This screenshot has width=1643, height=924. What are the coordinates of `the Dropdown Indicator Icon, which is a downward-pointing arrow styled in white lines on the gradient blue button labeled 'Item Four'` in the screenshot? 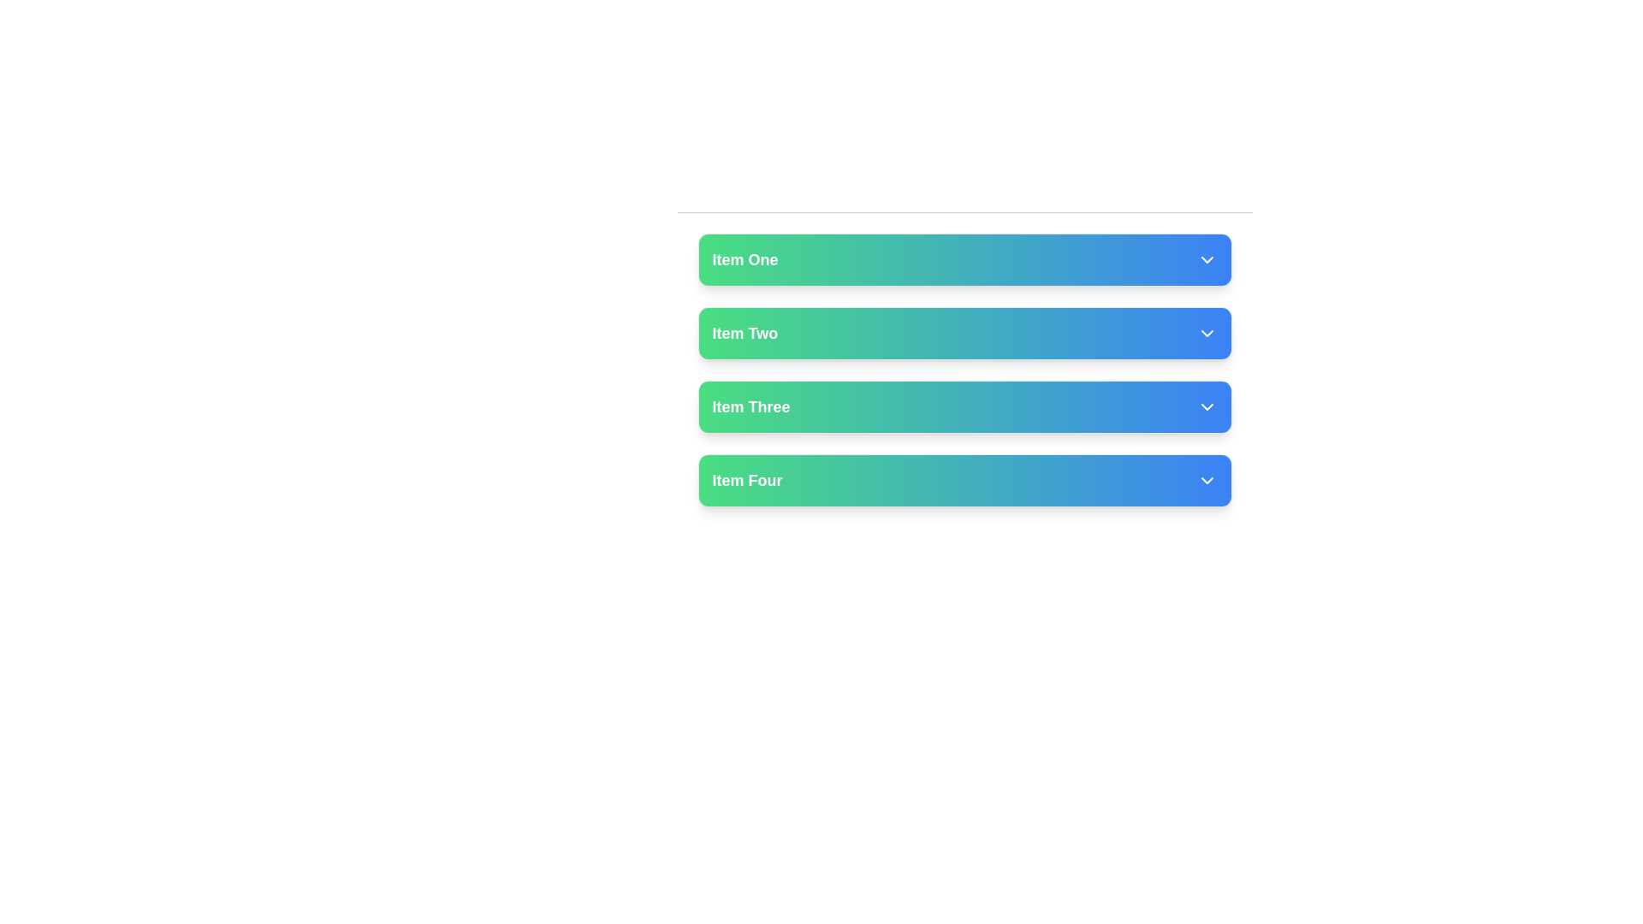 It's located at (1206, 481).